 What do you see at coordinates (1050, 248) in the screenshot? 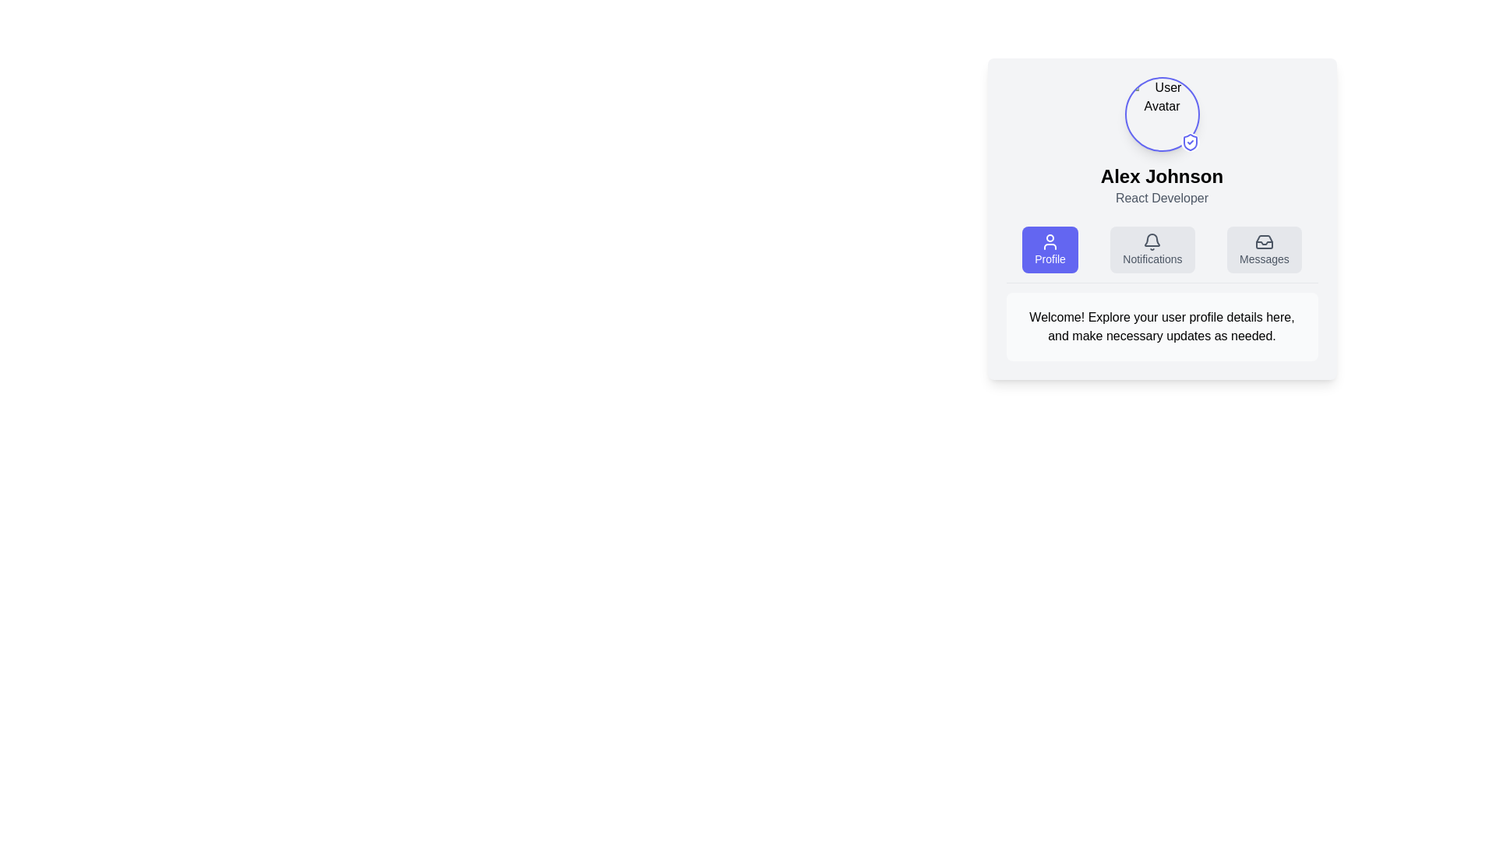
I see `the 'Profile' button, which is a rounded rectangular button with a purple background, a white user silhouette icon, and white text below it` at bounding box center [1050, 248].